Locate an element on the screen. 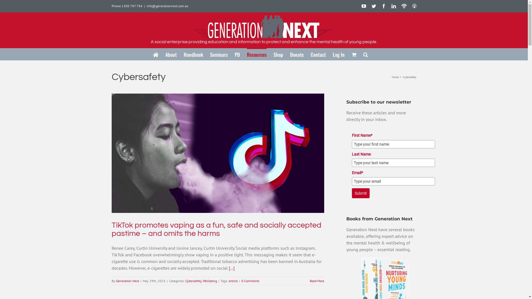 This screenshot has height=299, width=532. 'Shop' is located at coordinates (278, 54).